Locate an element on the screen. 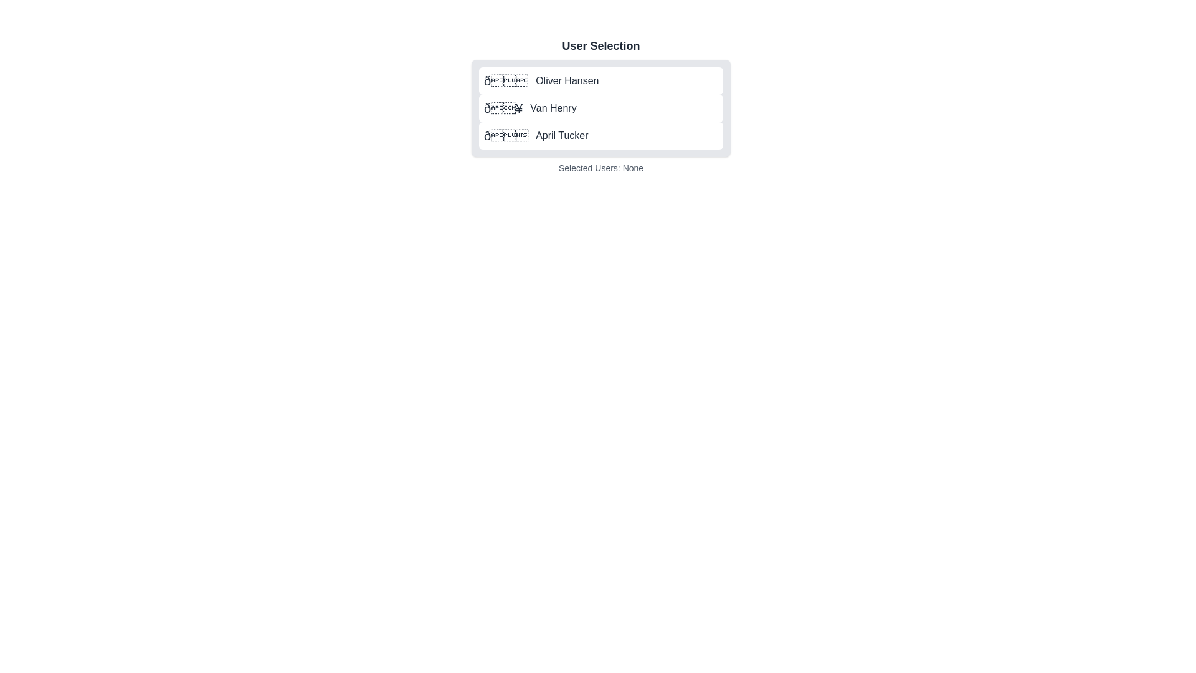 Image resolution: width=1196 pixels, height=673 pixels. a user in the static list component for selection, which is centrally located below the 'User Selection' title is located at coordinates (600, 105).